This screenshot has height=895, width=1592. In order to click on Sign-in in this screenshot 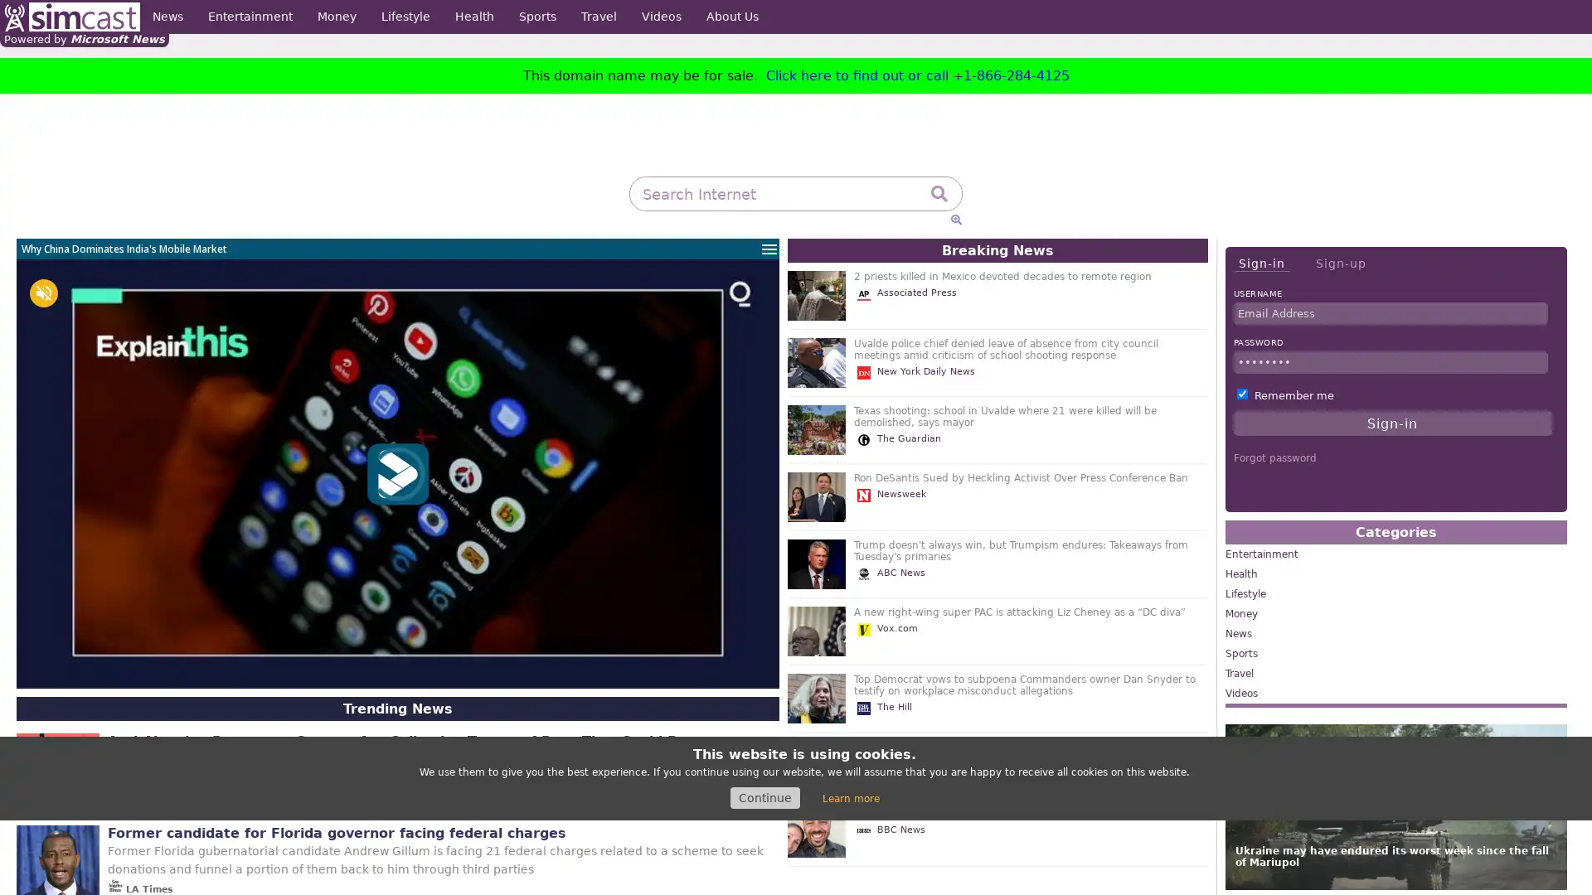, I will do `click(1260, 263)`.